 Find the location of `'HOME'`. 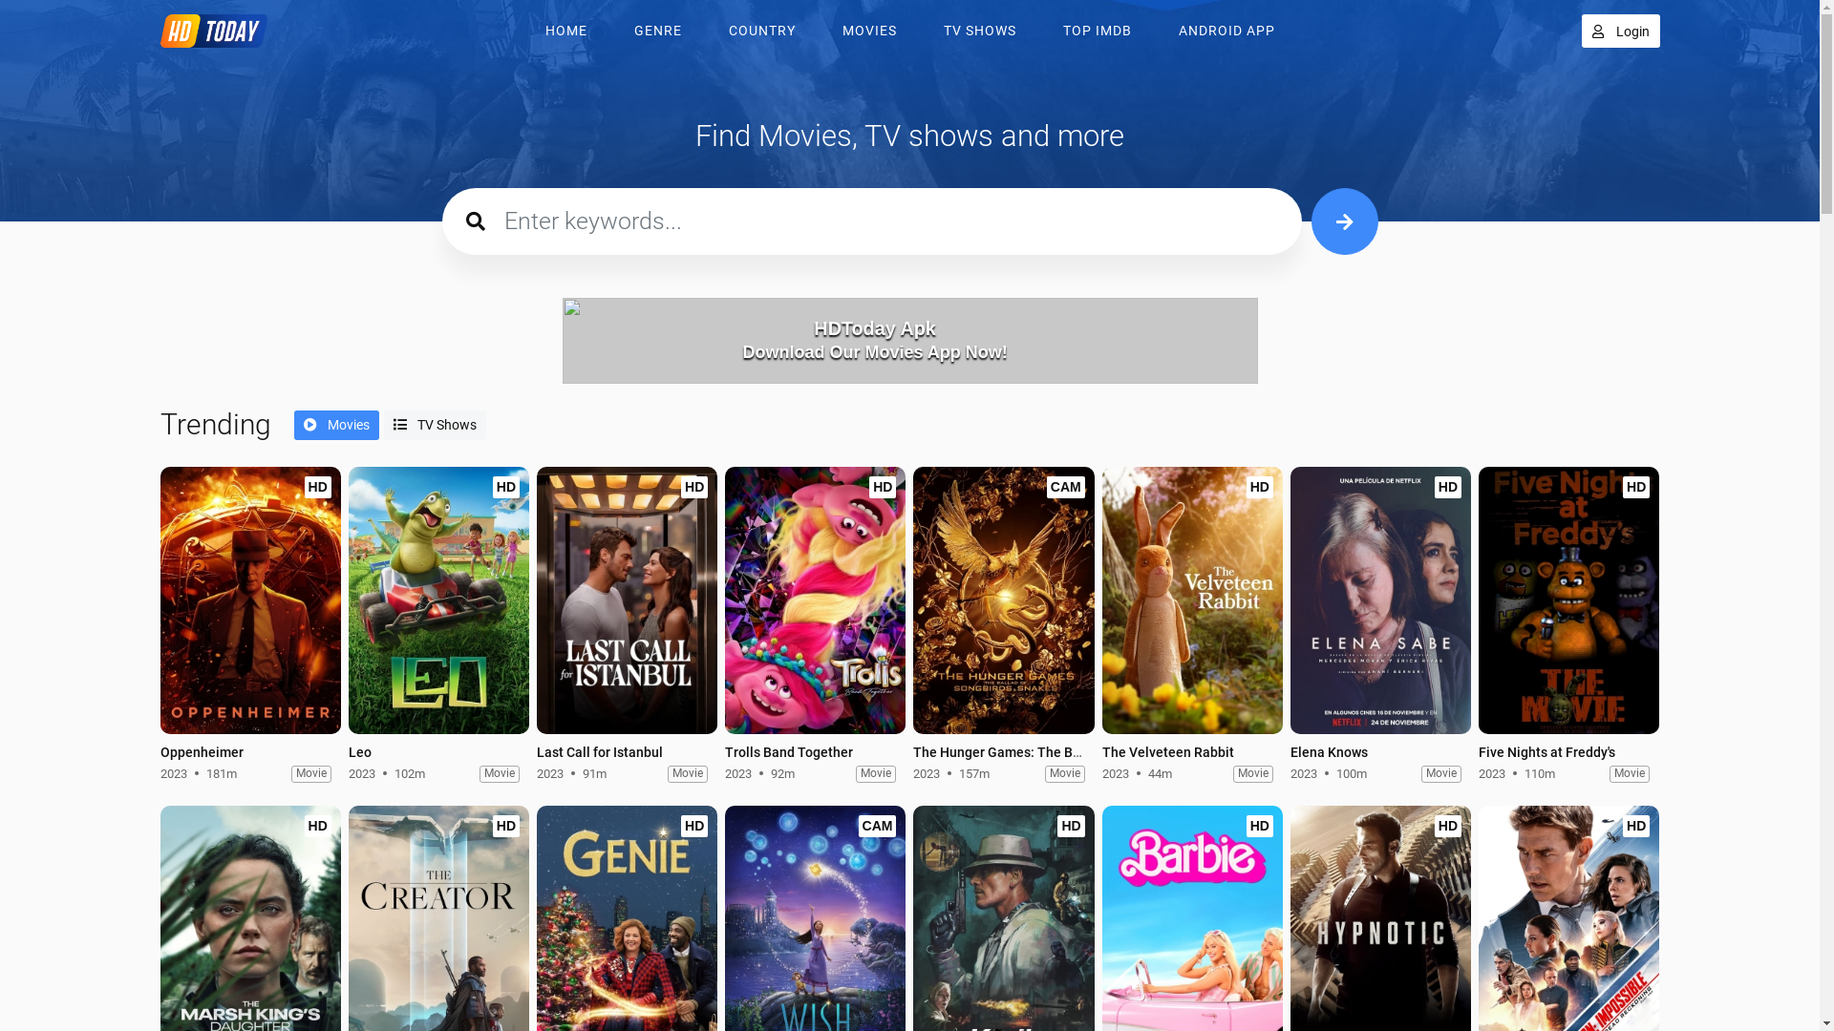

'HOME' is located at coordinates (525, 31).